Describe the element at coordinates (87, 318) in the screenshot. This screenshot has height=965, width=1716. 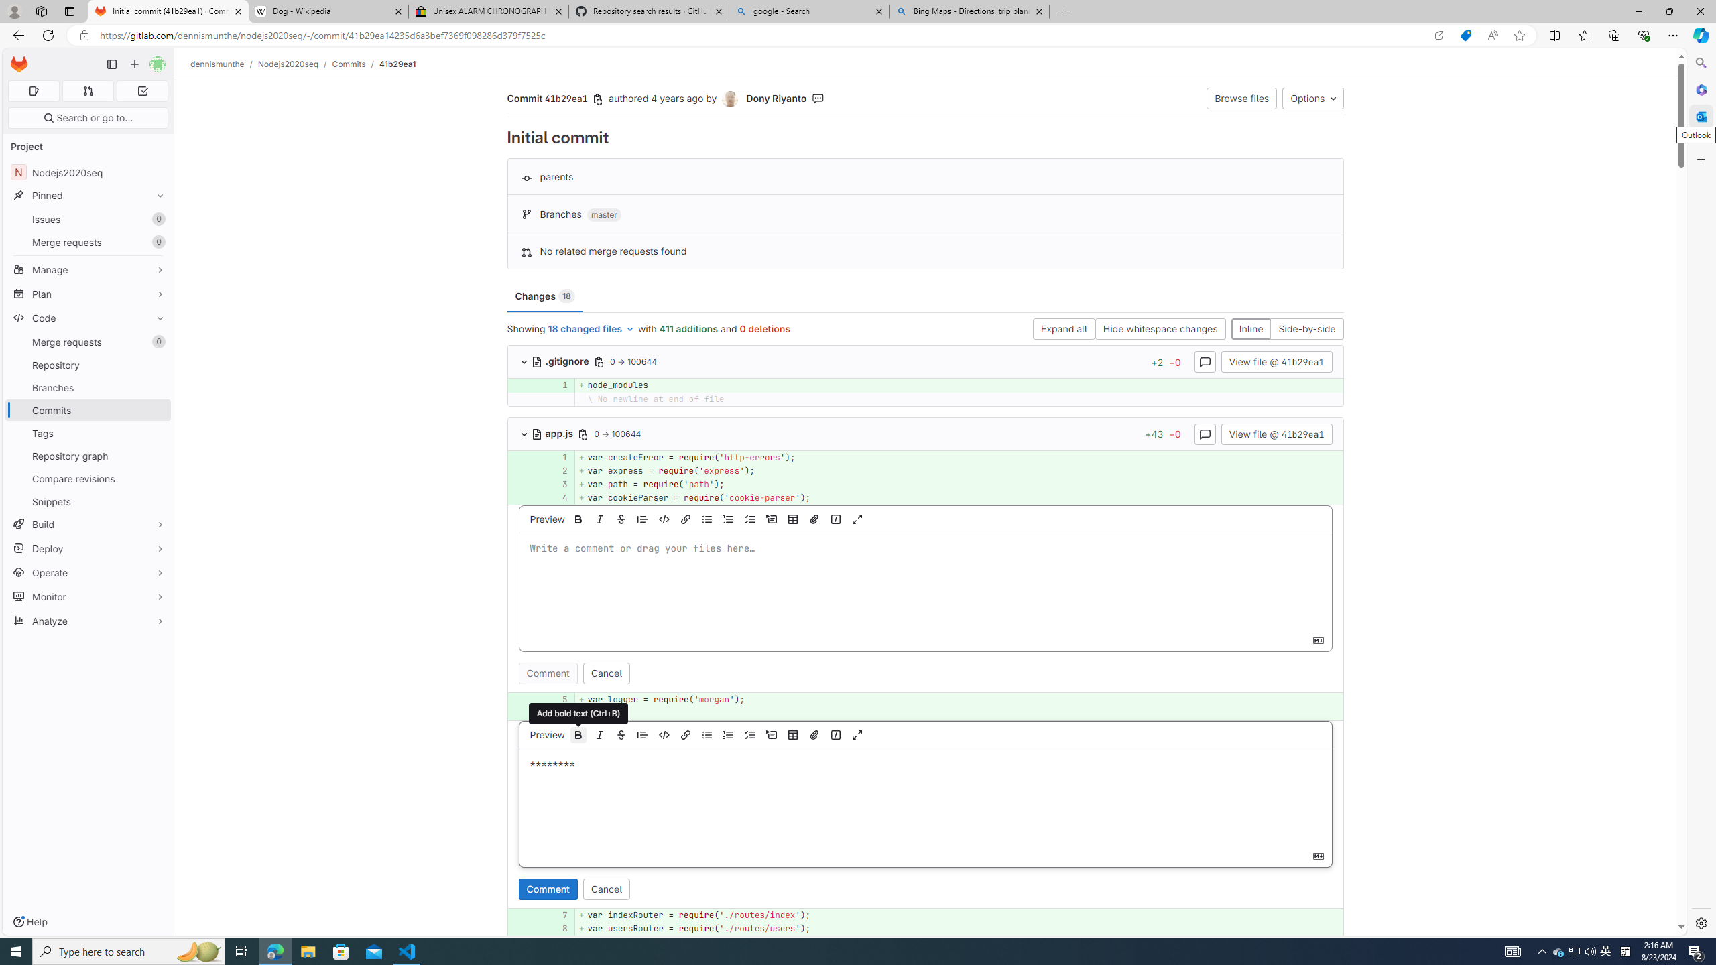
I see `'Code'` at that location.